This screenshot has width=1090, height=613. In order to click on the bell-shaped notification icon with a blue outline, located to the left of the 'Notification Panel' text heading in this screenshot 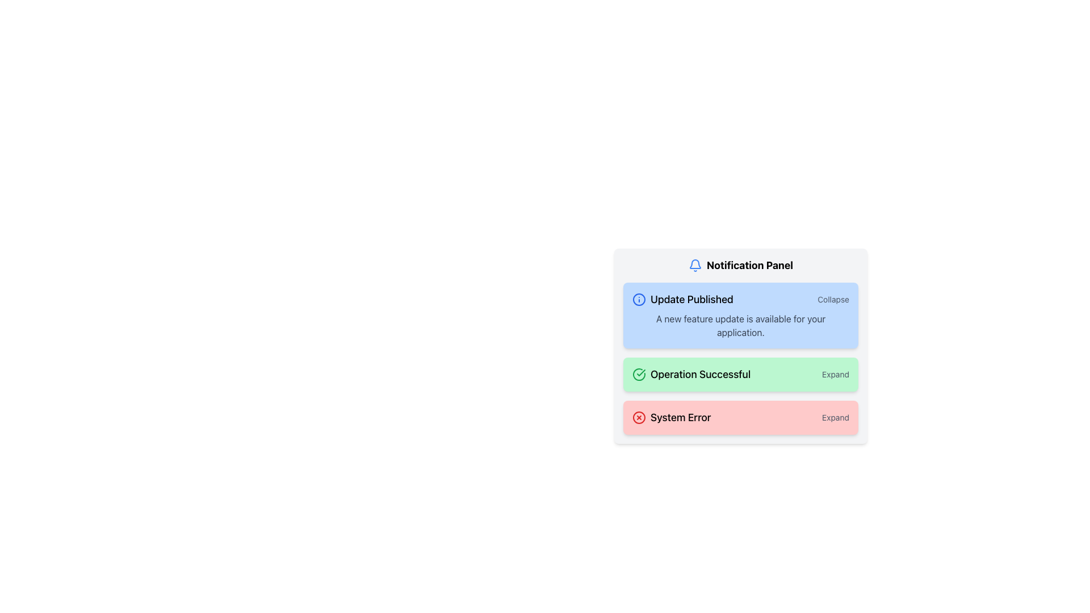, I will do `click(694, 265)`.